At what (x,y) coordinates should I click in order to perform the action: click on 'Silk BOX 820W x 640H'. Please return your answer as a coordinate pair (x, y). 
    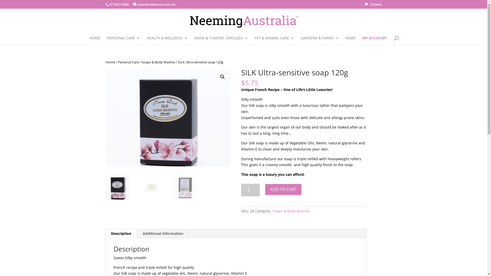
    Looking at the image, I should click on (168, 117).